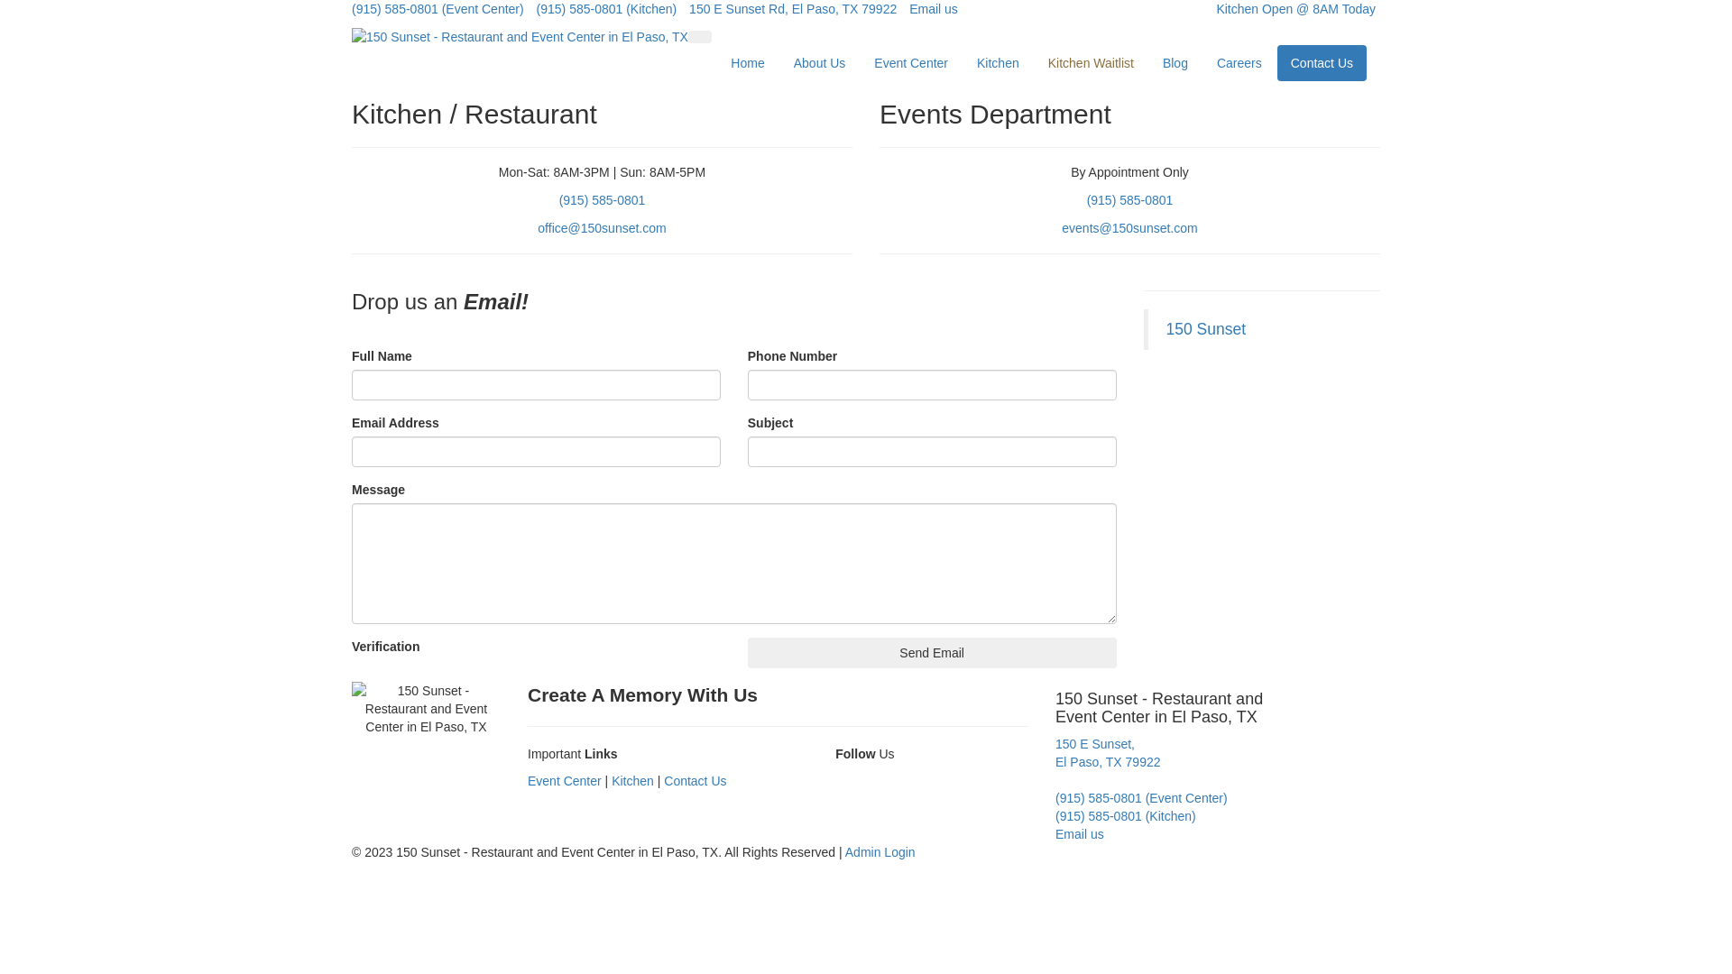 Image resolution: width=1732 pixels, height=974 pixels. Describe the element at coordinates (747, 61) in the screenshot. I see `'Home'` at that location.